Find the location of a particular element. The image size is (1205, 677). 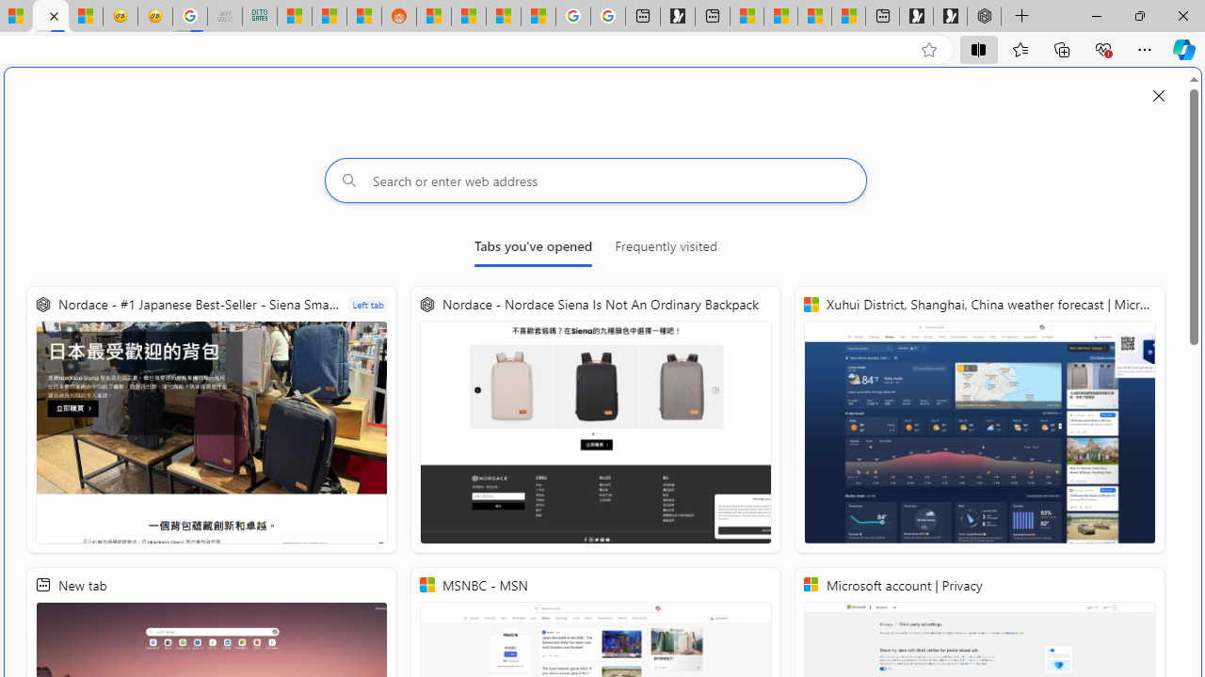

'Close tab' is located at coordinates (54, 16).